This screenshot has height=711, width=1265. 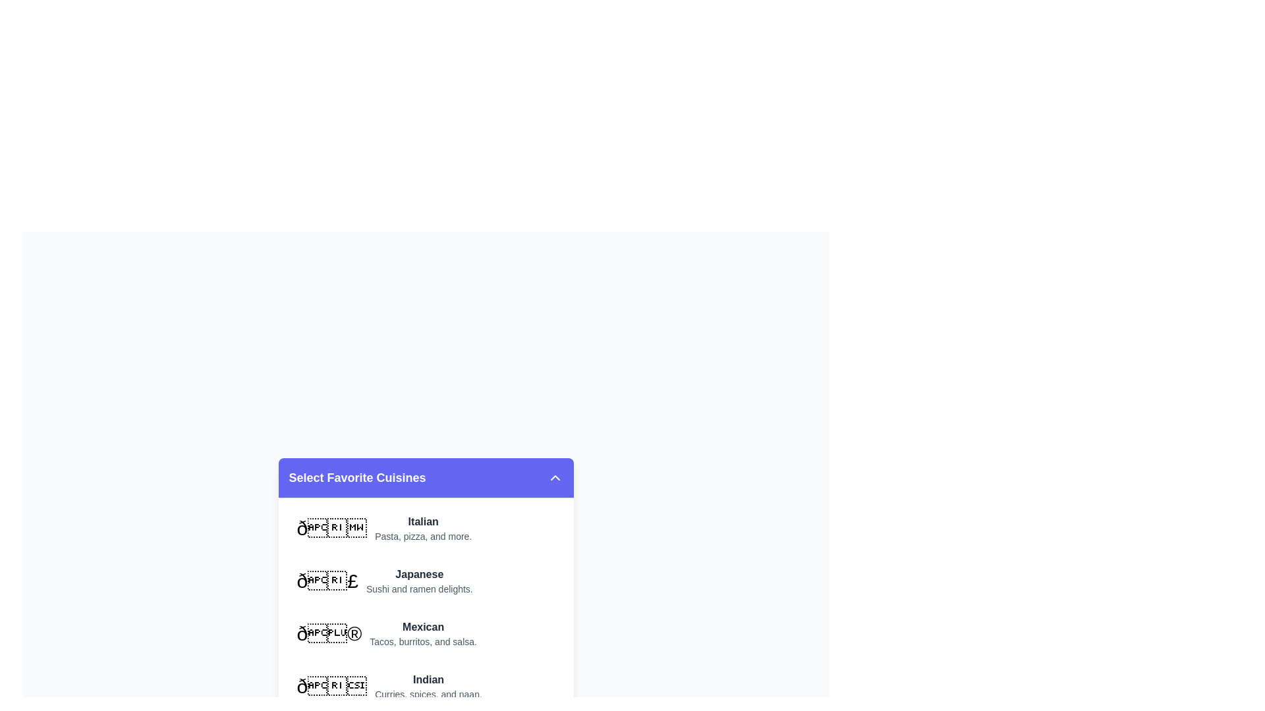 I want to click on the label displaying 'Japanese' in bold dark gray font, located in the 'Select Favorite Cuisines' section, between 'Italian' and 'Sushi and ramen delights.', so click(x=418, y=573).